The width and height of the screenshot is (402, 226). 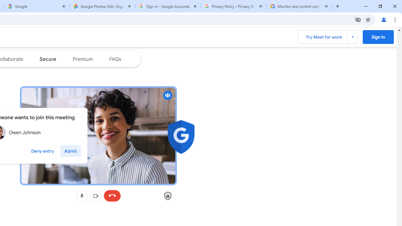 I want to click on 'Sign into Google Meet ', so click(x=378, y=37).